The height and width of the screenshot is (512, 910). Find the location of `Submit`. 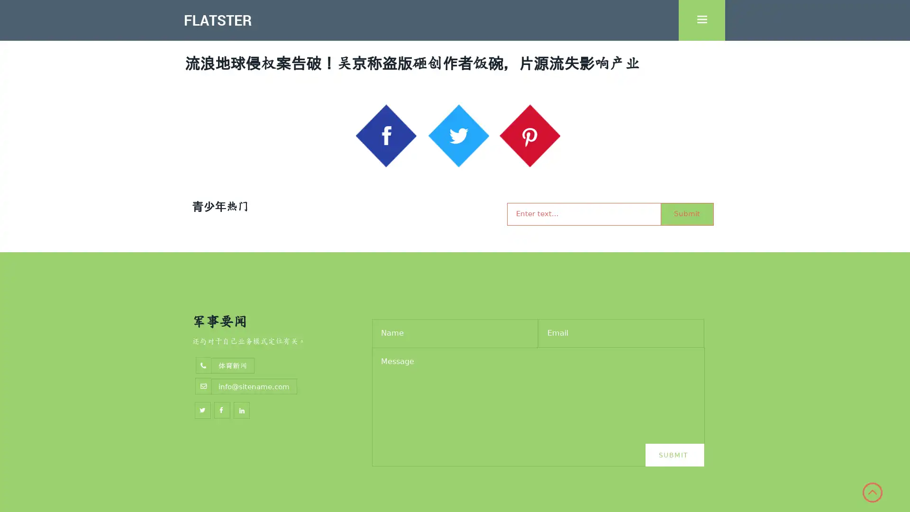

Submit is located at coordinates (674, 454).